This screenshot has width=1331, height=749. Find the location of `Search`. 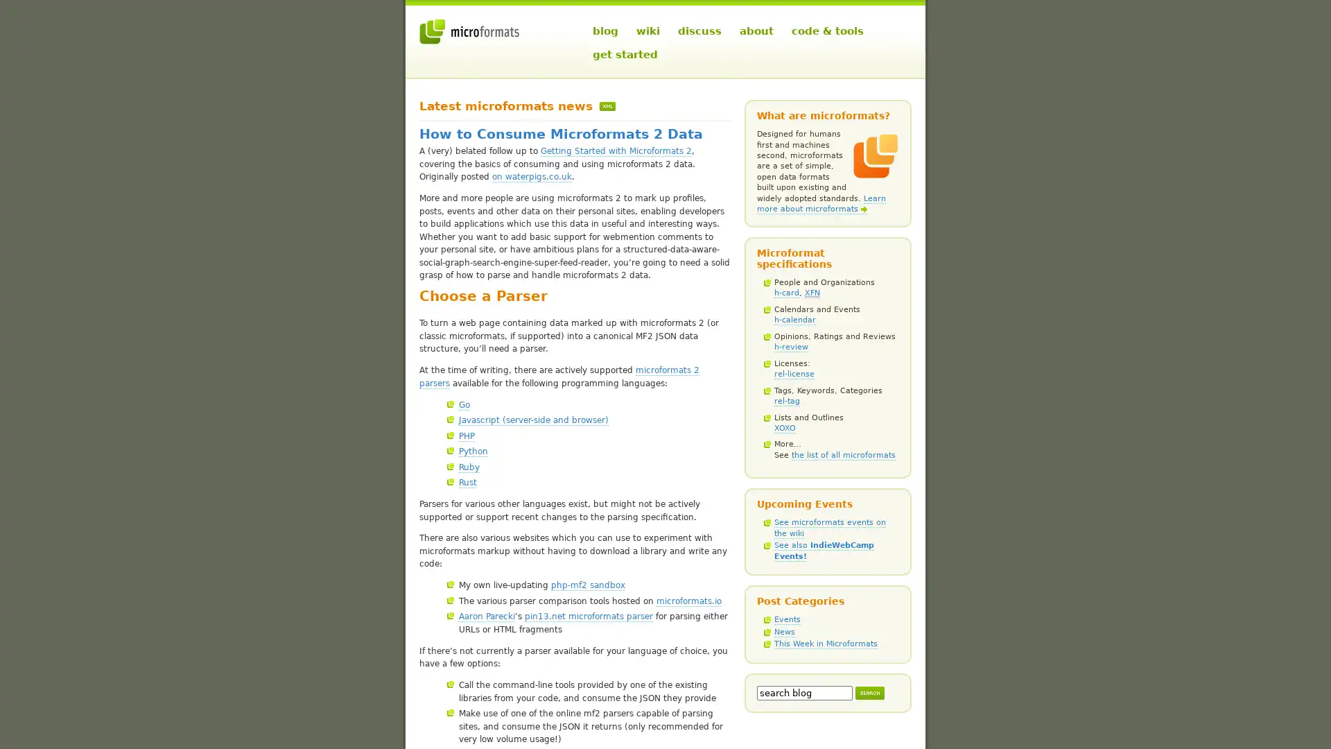

Search is located at coordinates (869, 692).